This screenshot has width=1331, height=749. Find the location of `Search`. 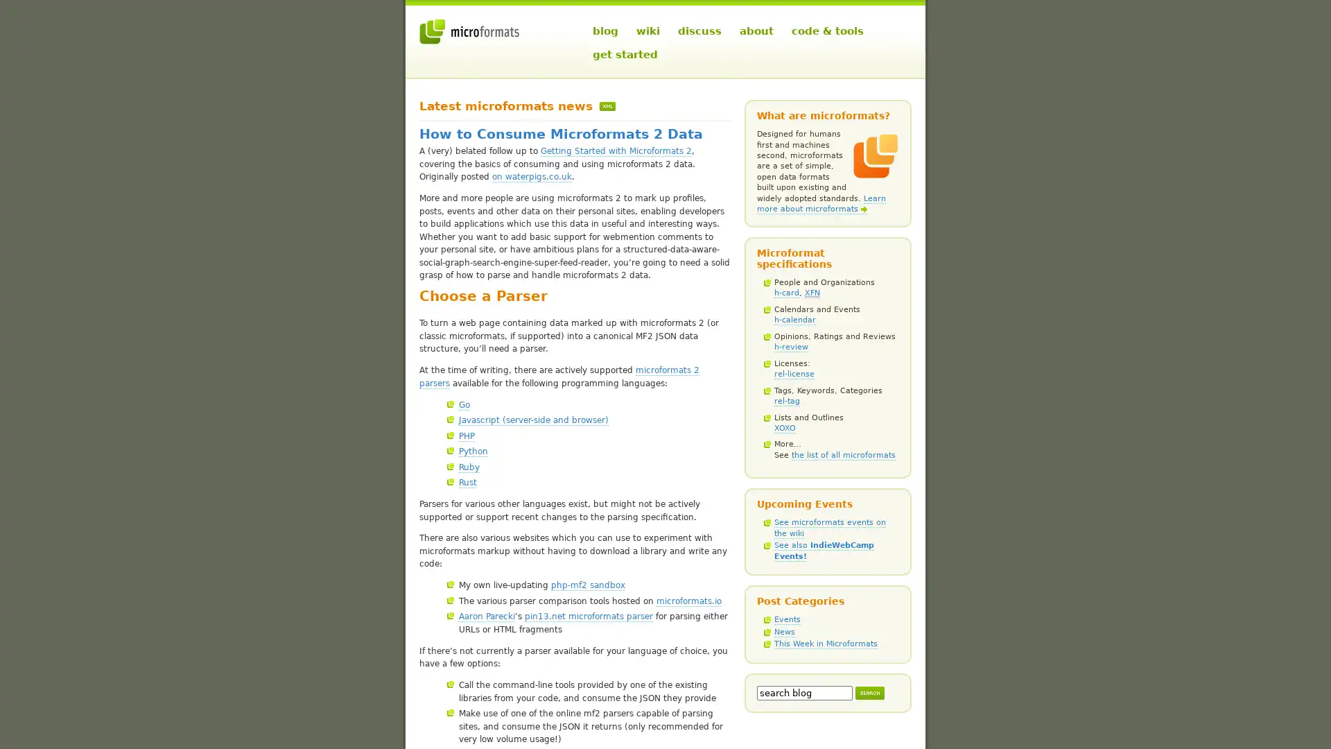

Search is located at coordinates (869, 692).